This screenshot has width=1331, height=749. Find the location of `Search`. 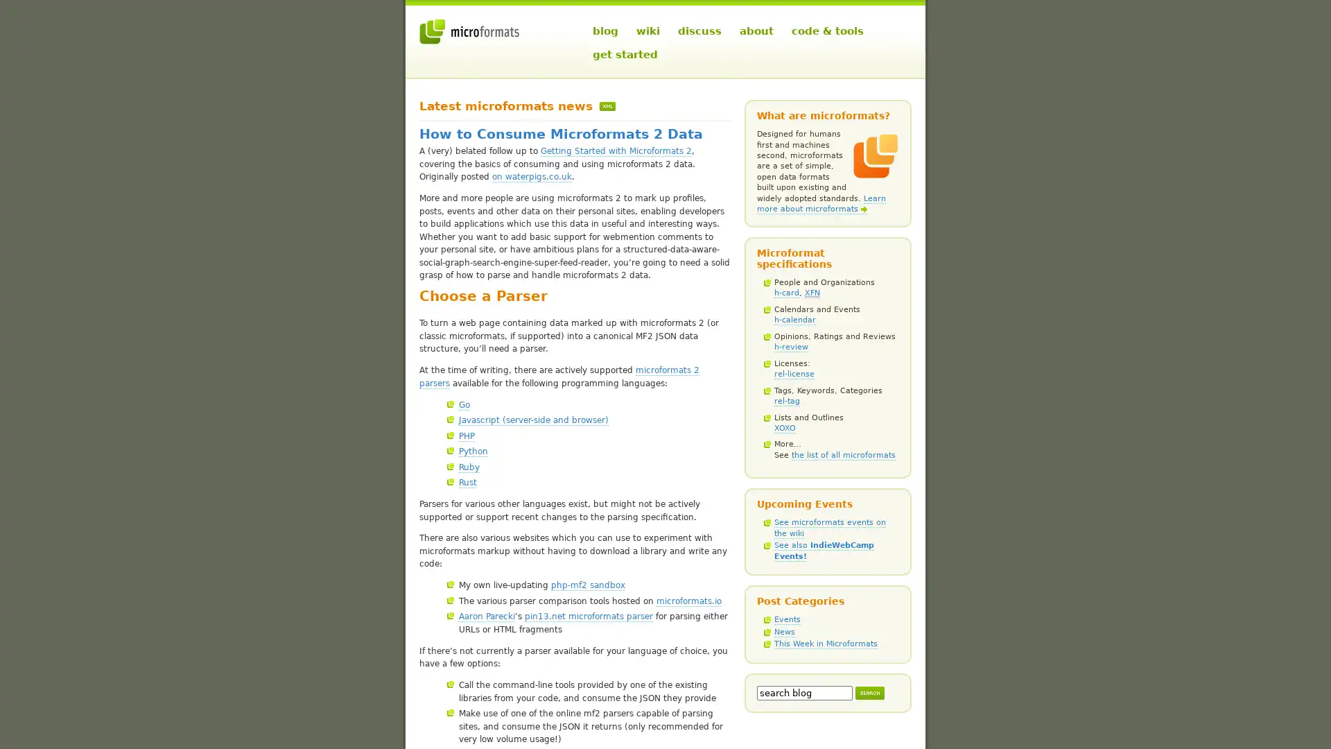

Search is located at coordinates (869, 692).